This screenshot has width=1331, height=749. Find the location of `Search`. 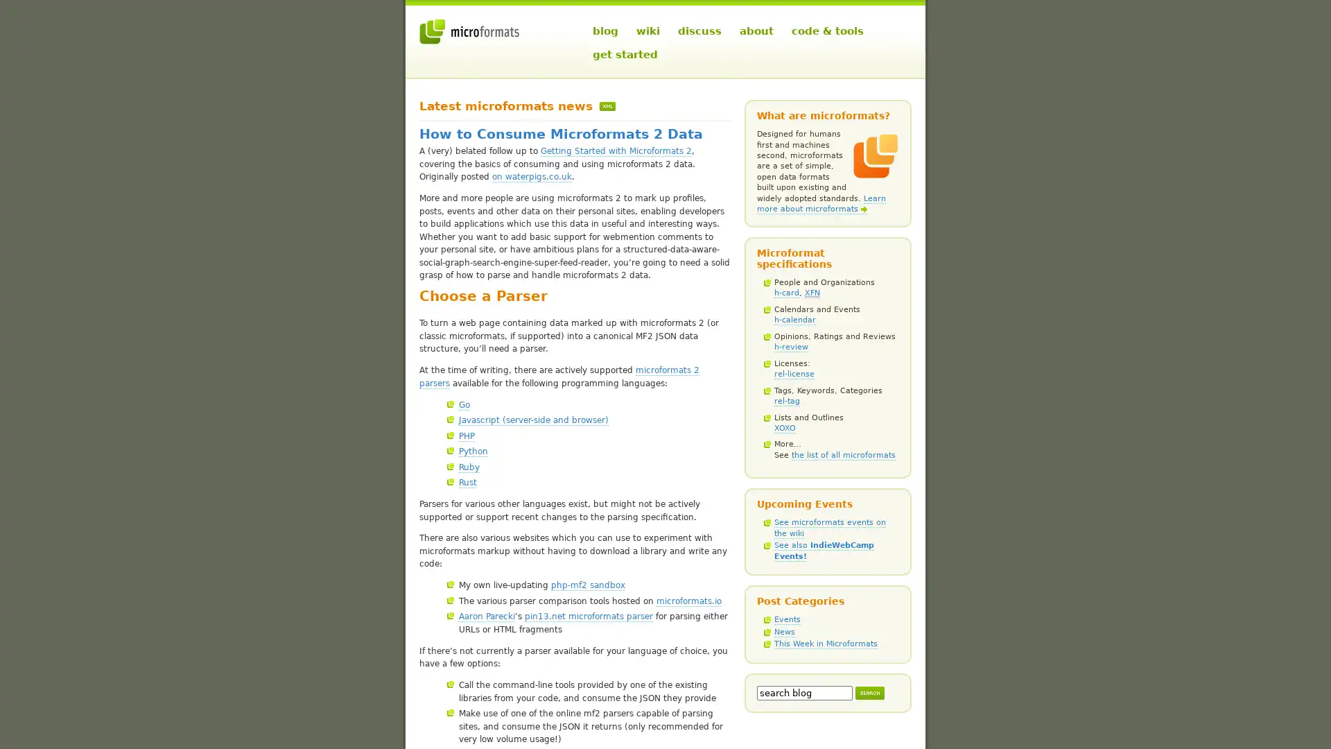

Search is located at coordinates (869, 692).